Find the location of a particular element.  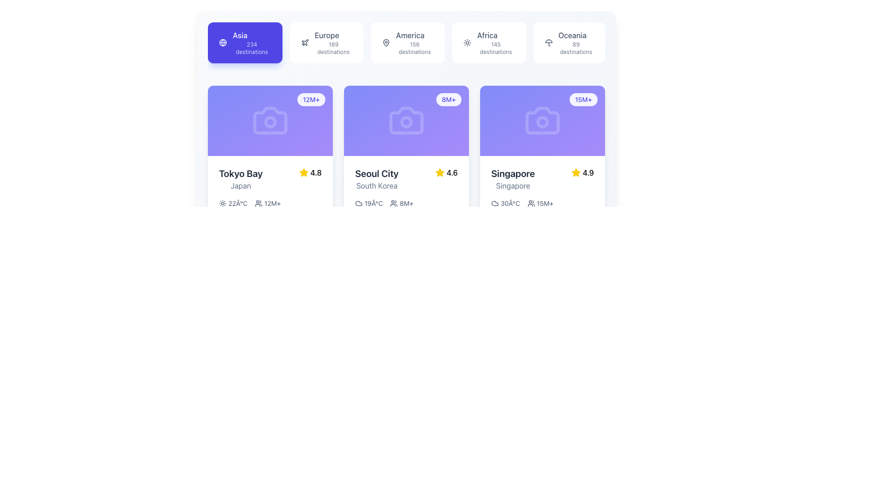

the 'Seoul City' text label located in the second card from the left, which displays the destination name and country is located at coordinates (377, 179).